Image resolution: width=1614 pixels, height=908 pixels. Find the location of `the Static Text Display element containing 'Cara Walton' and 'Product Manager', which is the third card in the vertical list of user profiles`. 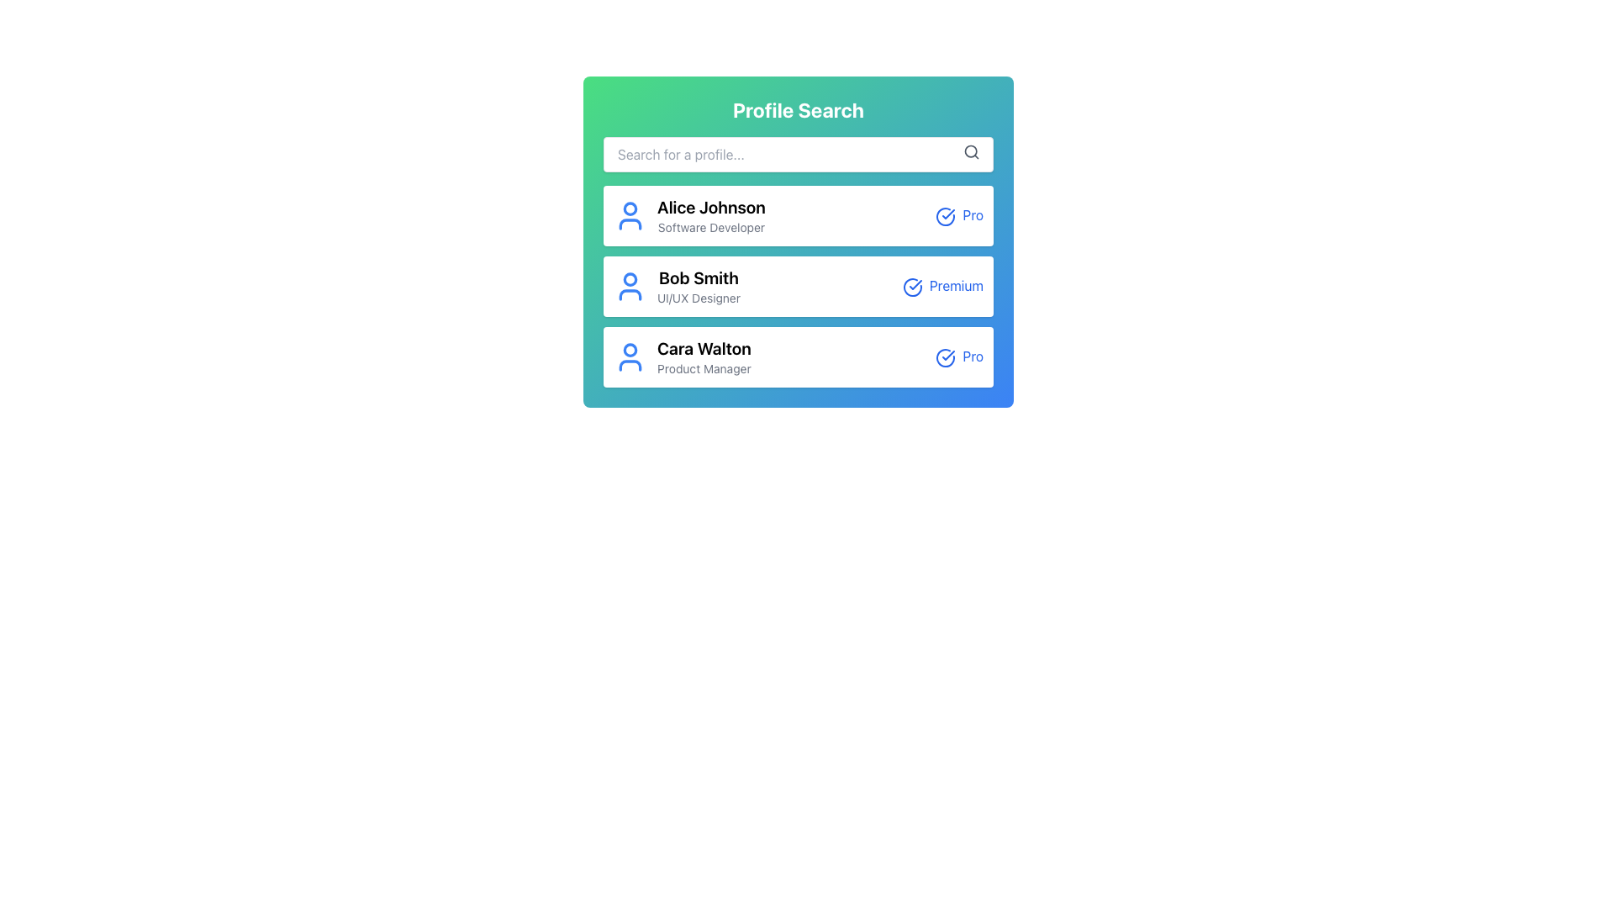

the Static Text Display element containing 'Cara Walton' and 'Product Manager', which is the third card in the vertical list of user profiles is located at coordinates (704, 356).